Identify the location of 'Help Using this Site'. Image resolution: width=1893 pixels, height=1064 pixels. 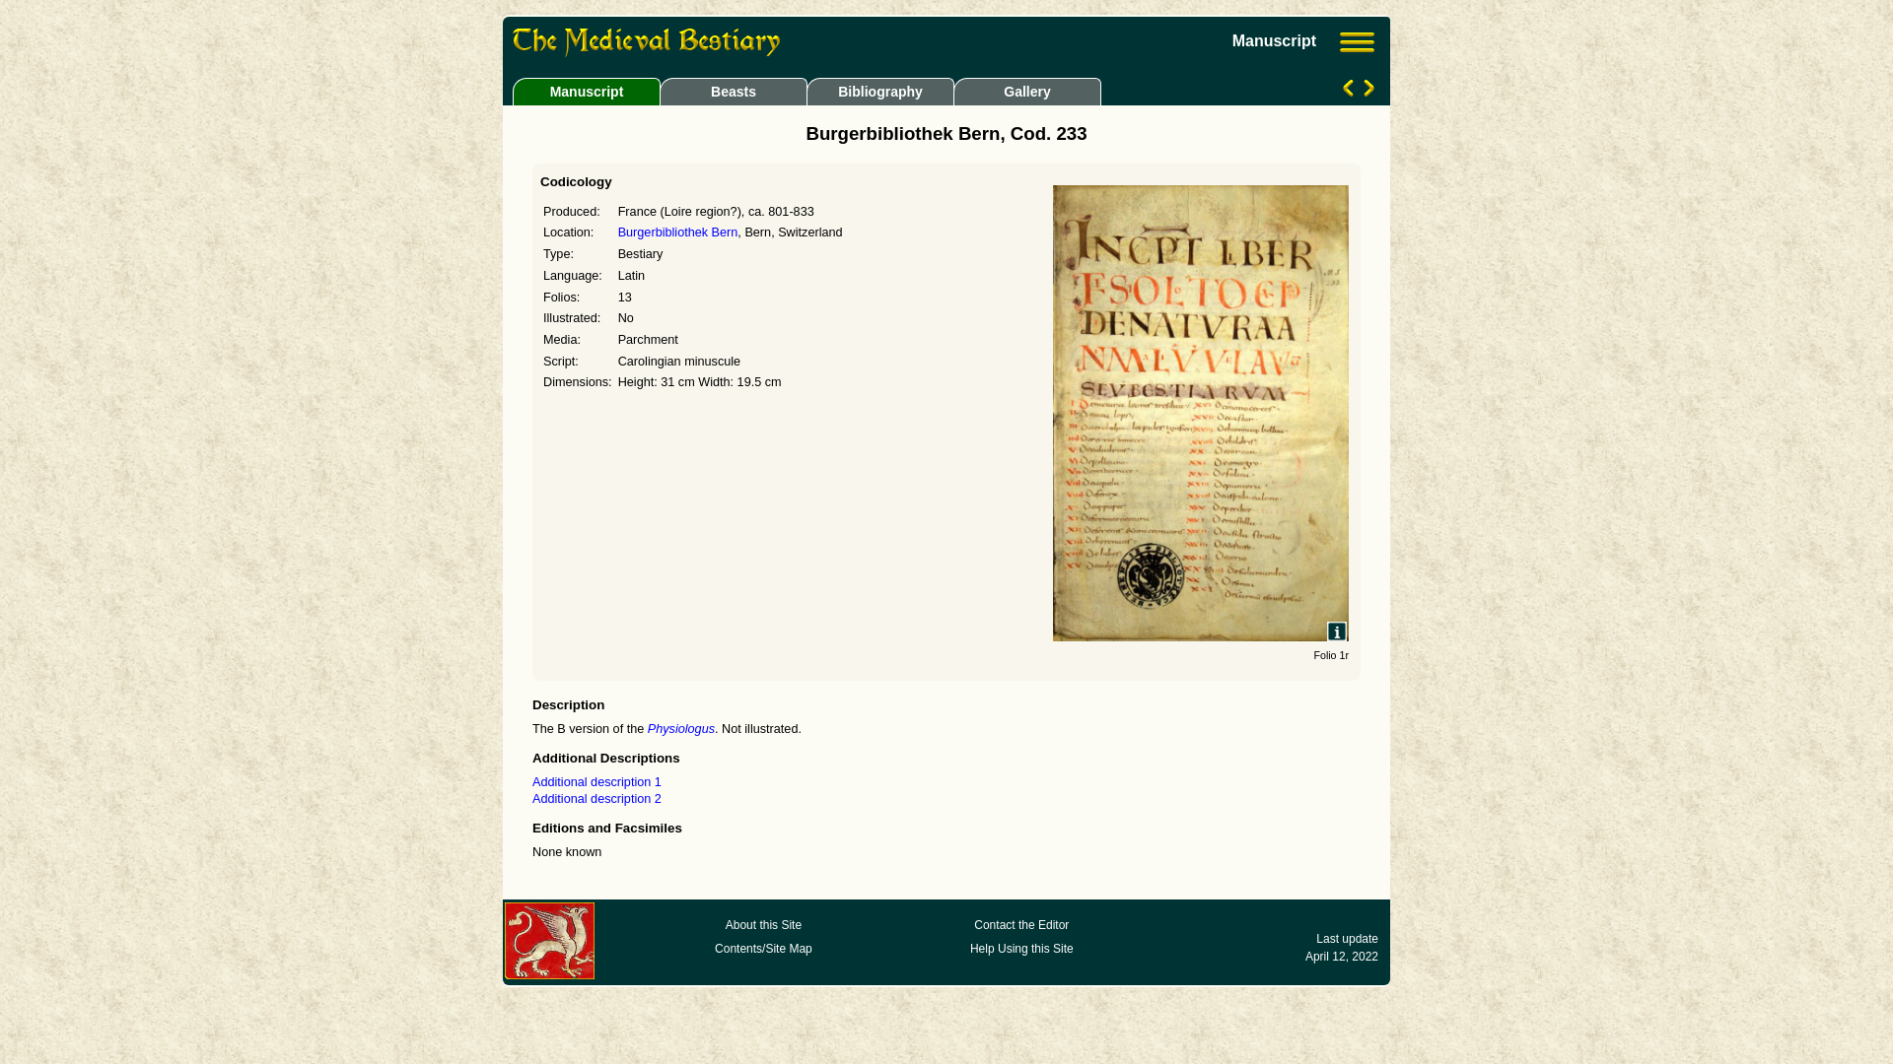
(1021, 948).